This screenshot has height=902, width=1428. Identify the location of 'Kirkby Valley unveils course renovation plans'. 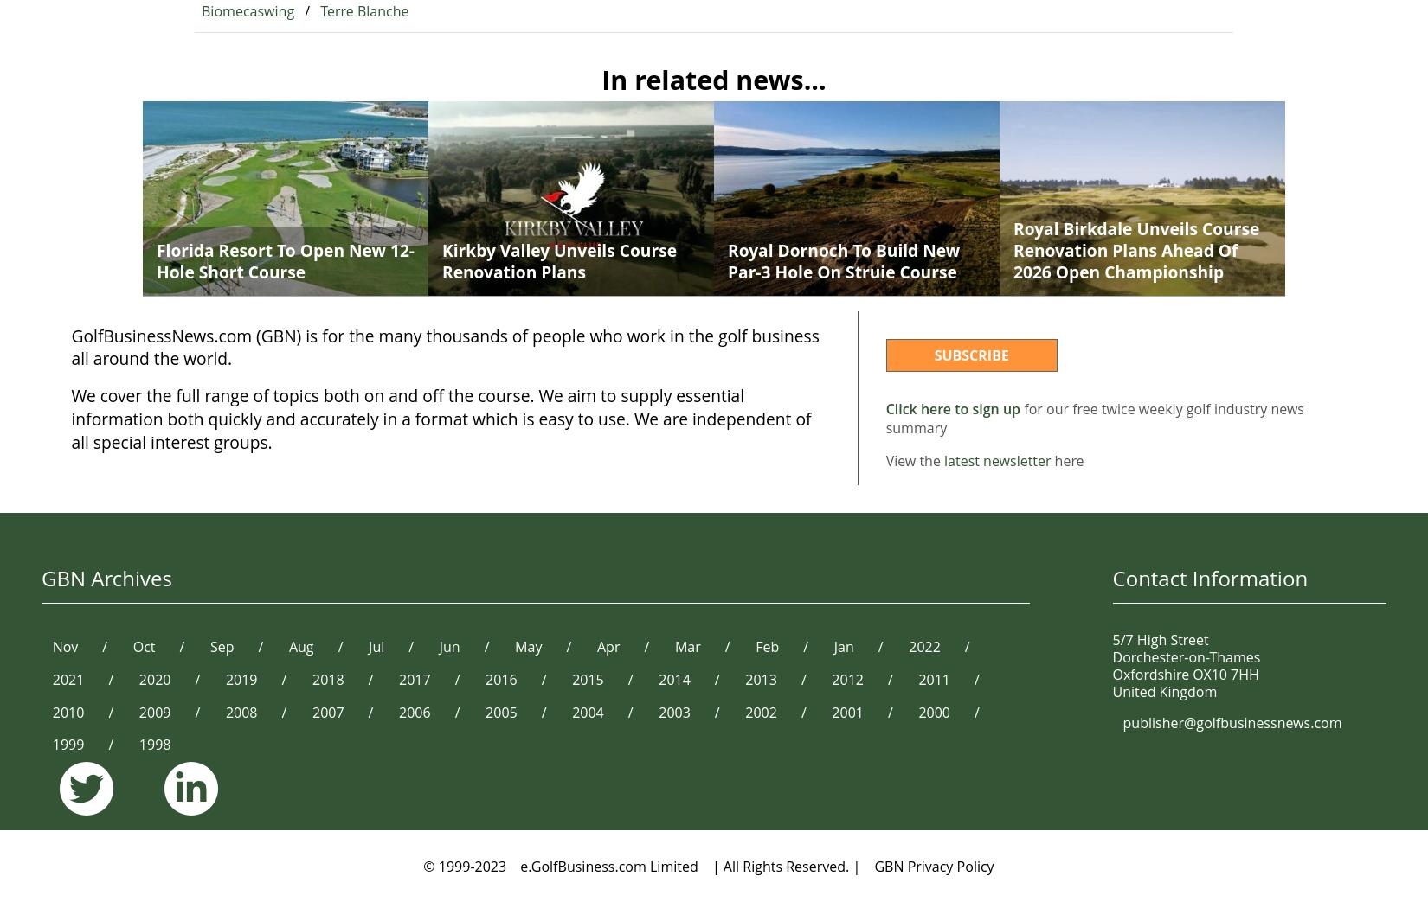
(558, 259).